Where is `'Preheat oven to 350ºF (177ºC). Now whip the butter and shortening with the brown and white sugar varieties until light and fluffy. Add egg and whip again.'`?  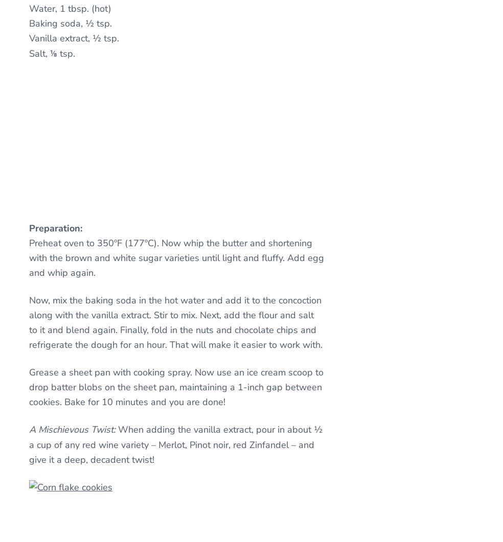
'Preheat oven to 350ºF (177ºC). Now whip the butter and shortening with the brown and white sugar varieties until light and fluffy. Add egg and whip again.' is located at coordinates (28, 257).